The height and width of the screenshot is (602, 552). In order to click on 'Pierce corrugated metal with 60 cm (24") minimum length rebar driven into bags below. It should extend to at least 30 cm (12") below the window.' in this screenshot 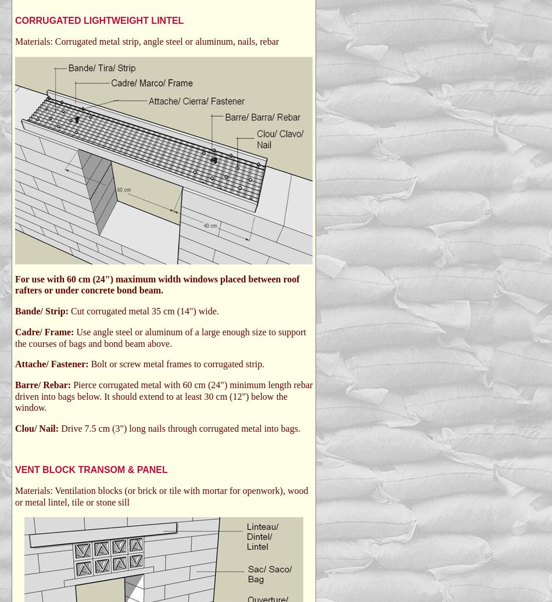, I will do `click(163, 396)`.